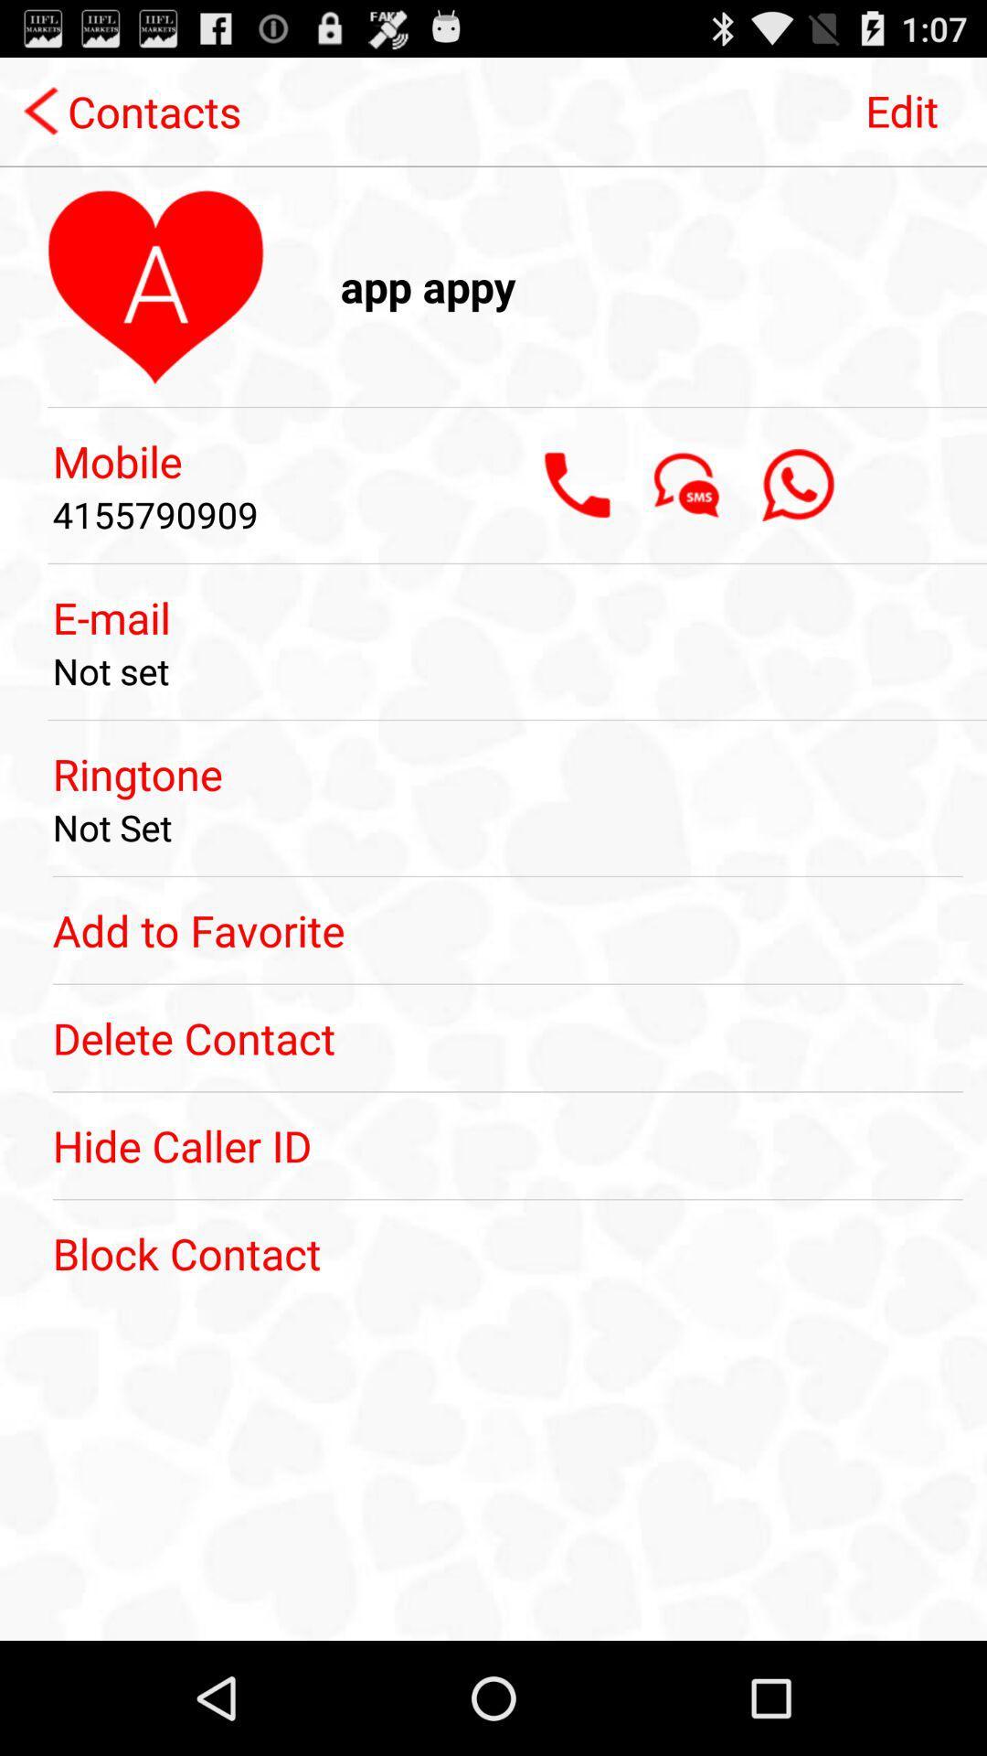 Image resolution: width=987 pixels, height=1756 pixels. Describe the element at coordinates (687, 518) in the screenshot. I see `the chat icon` at that location.